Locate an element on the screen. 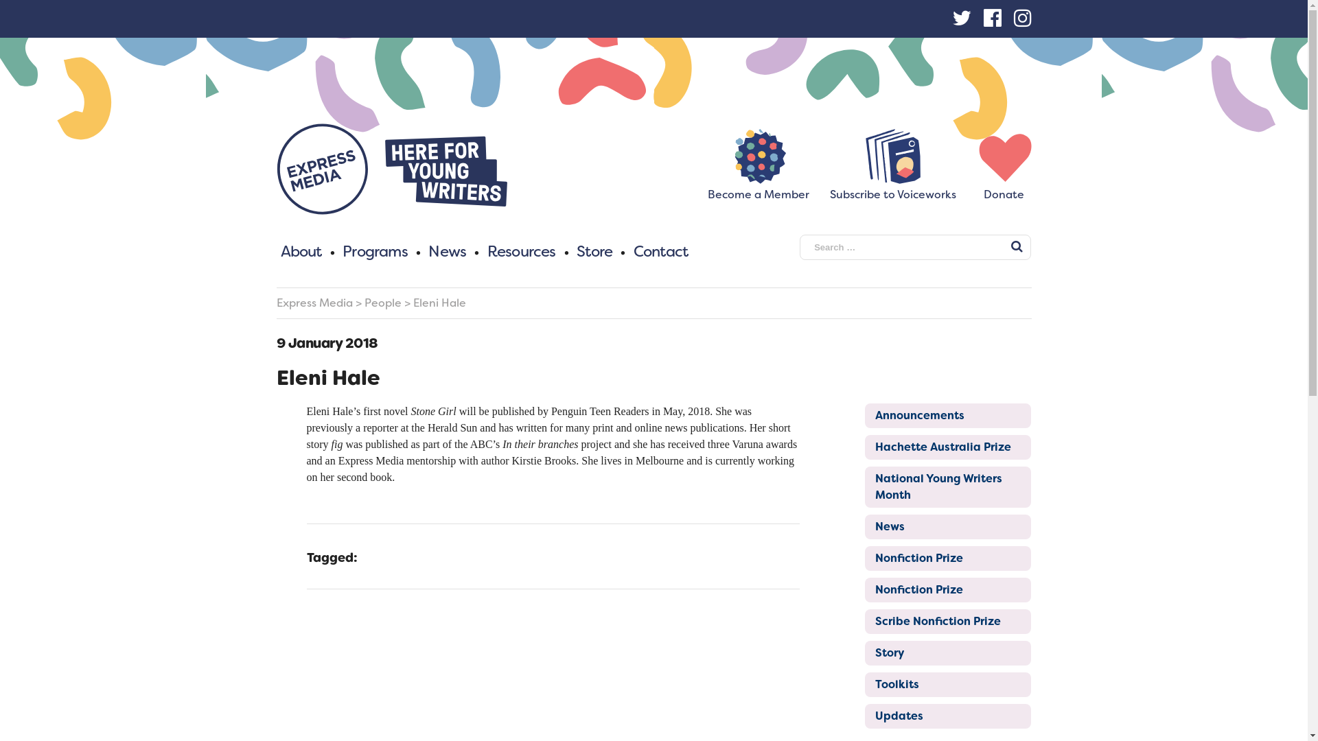  'Subscribe to Voiceworks' is located at coordinates (892, 189).